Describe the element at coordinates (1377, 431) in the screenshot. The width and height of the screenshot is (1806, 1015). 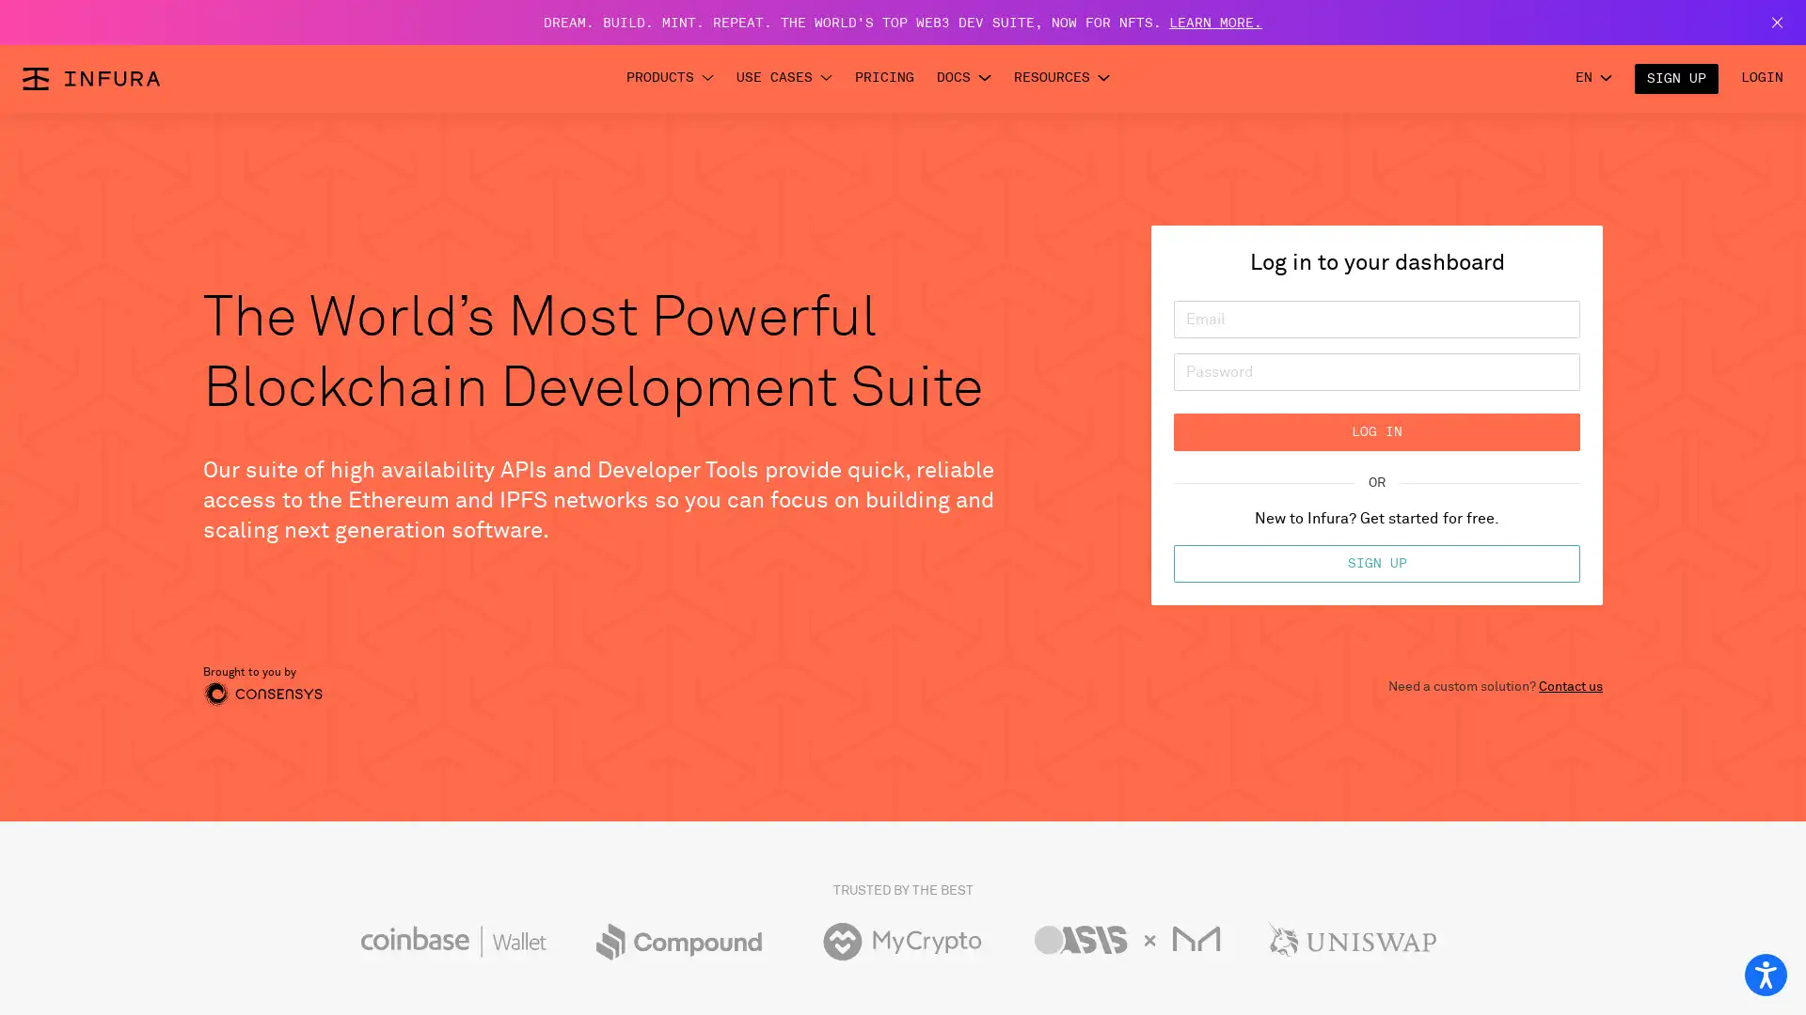
I see `LOG IN` at that location.